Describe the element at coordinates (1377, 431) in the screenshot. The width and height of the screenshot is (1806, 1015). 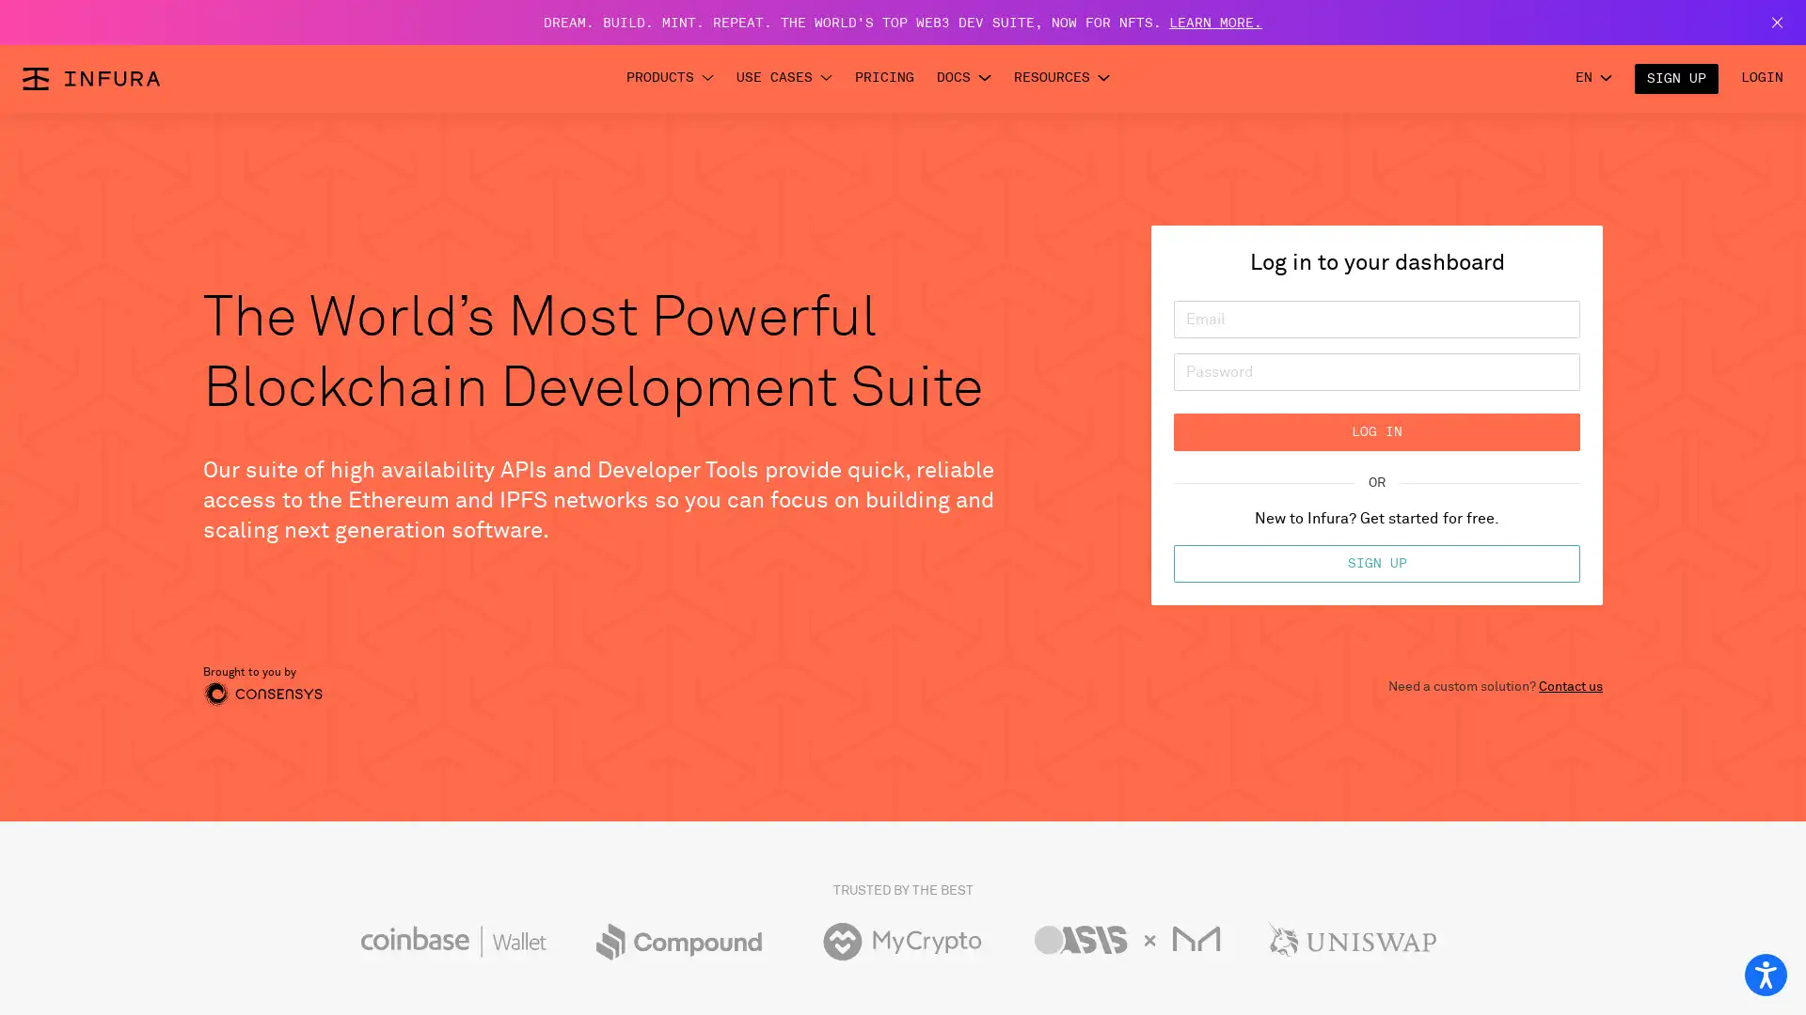
I see `LOG IN` at that location.